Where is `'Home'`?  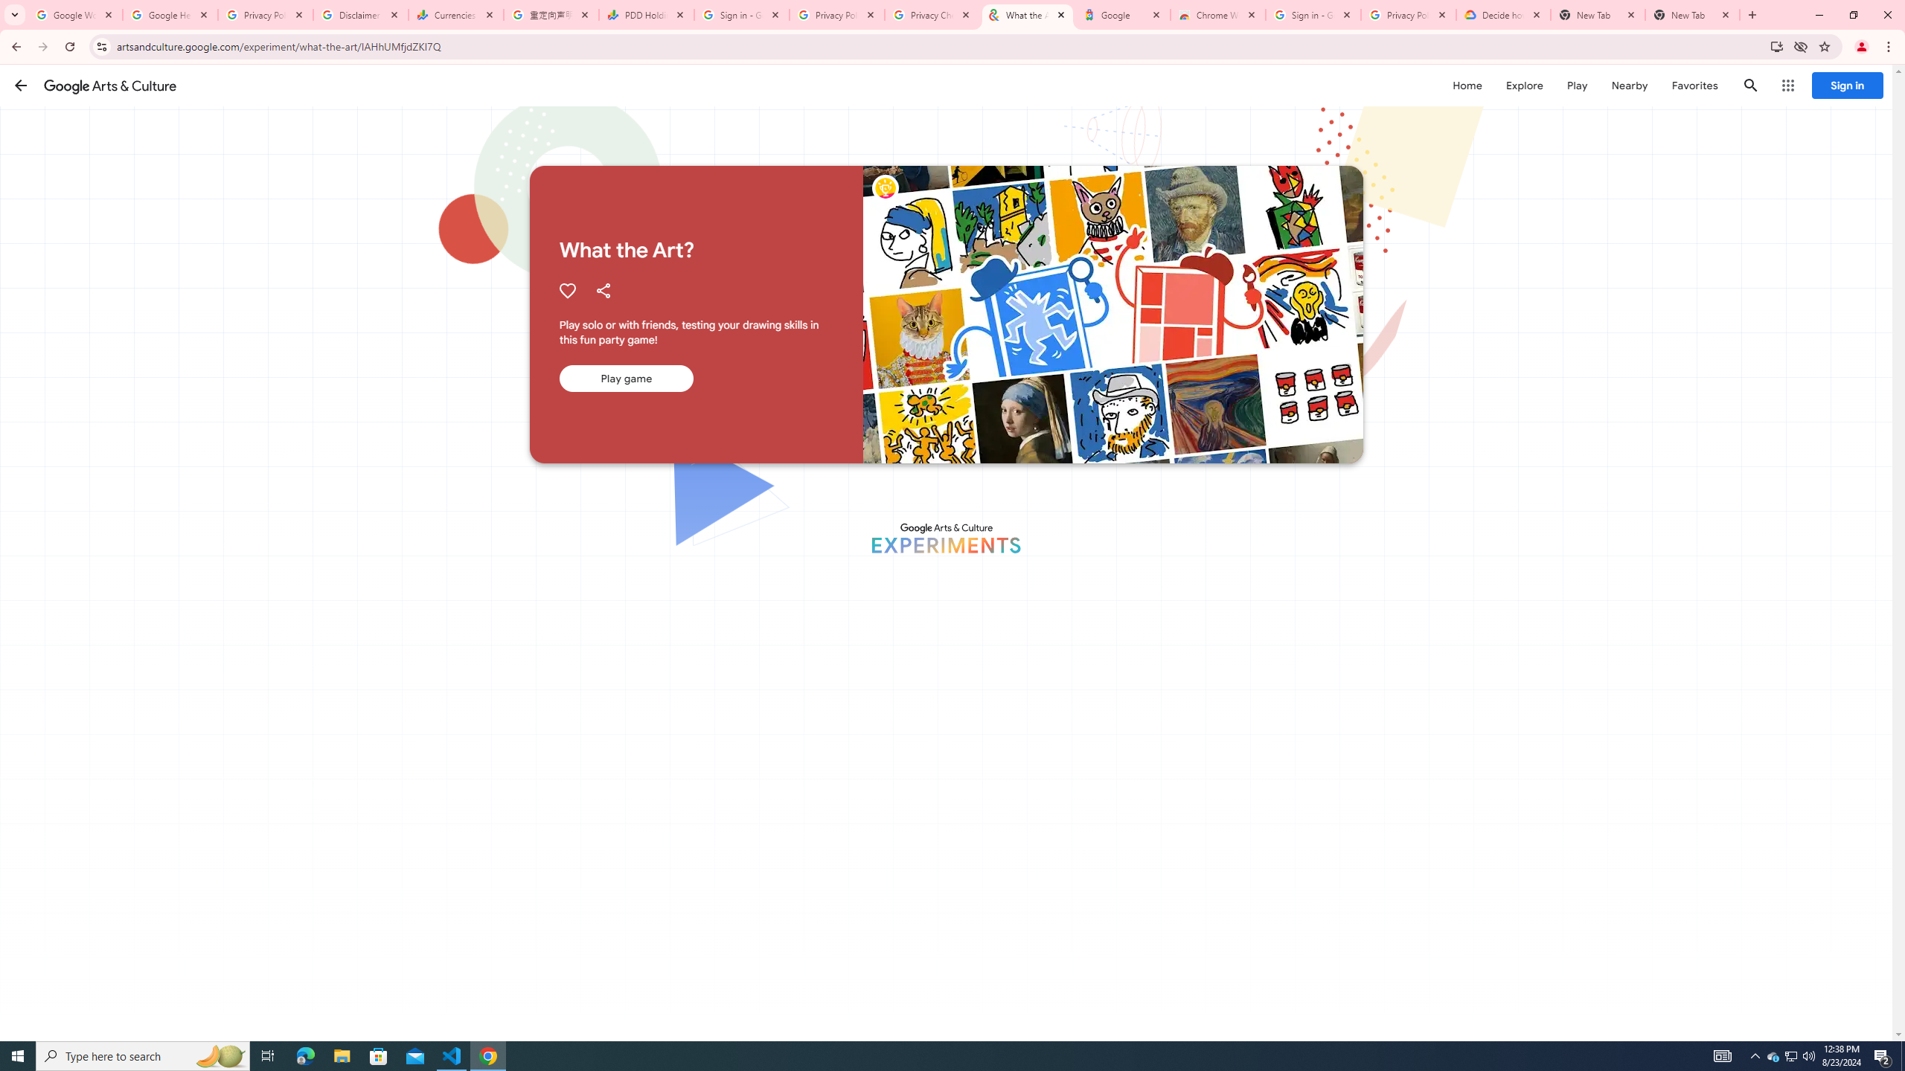 'Home' is located at coordinates (1466, 85).